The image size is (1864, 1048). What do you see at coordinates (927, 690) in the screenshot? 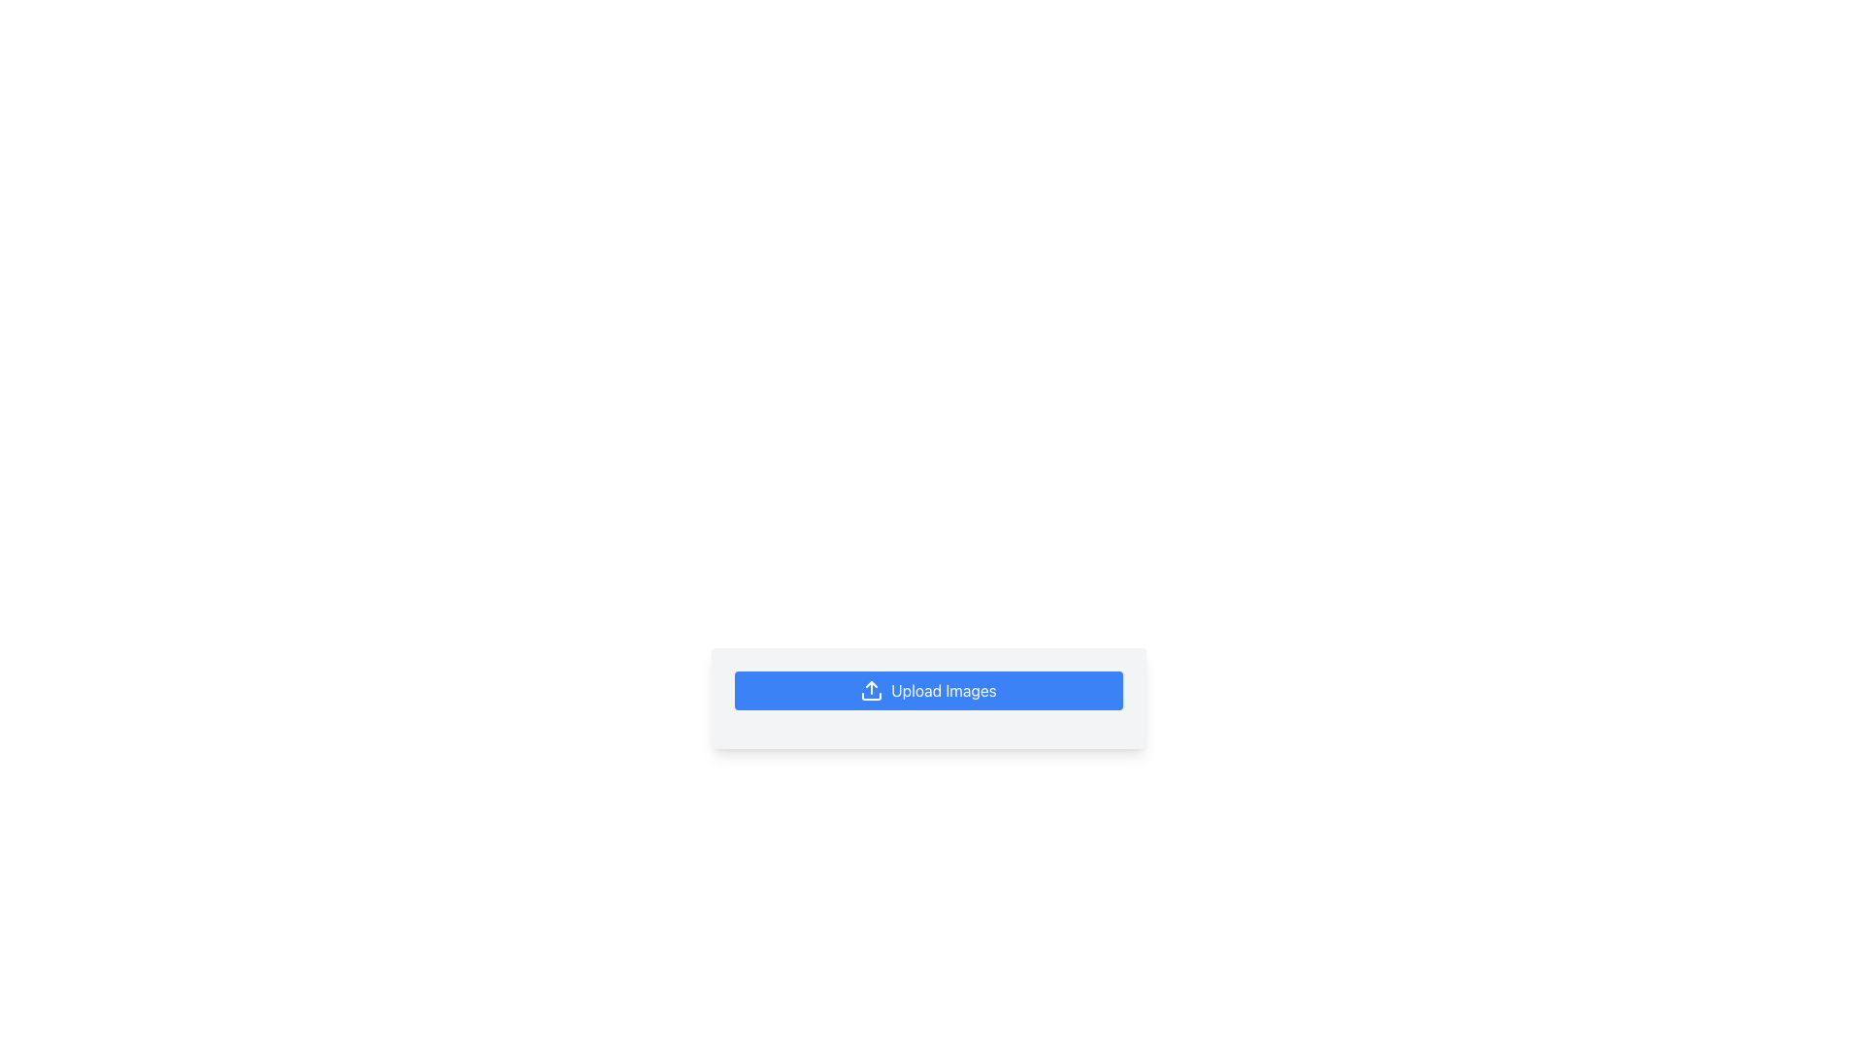
I see `the 'Upload Images' button, which is a blue rectangular button with white text and an upward arrow symbol` at bounding box center [927, 690].